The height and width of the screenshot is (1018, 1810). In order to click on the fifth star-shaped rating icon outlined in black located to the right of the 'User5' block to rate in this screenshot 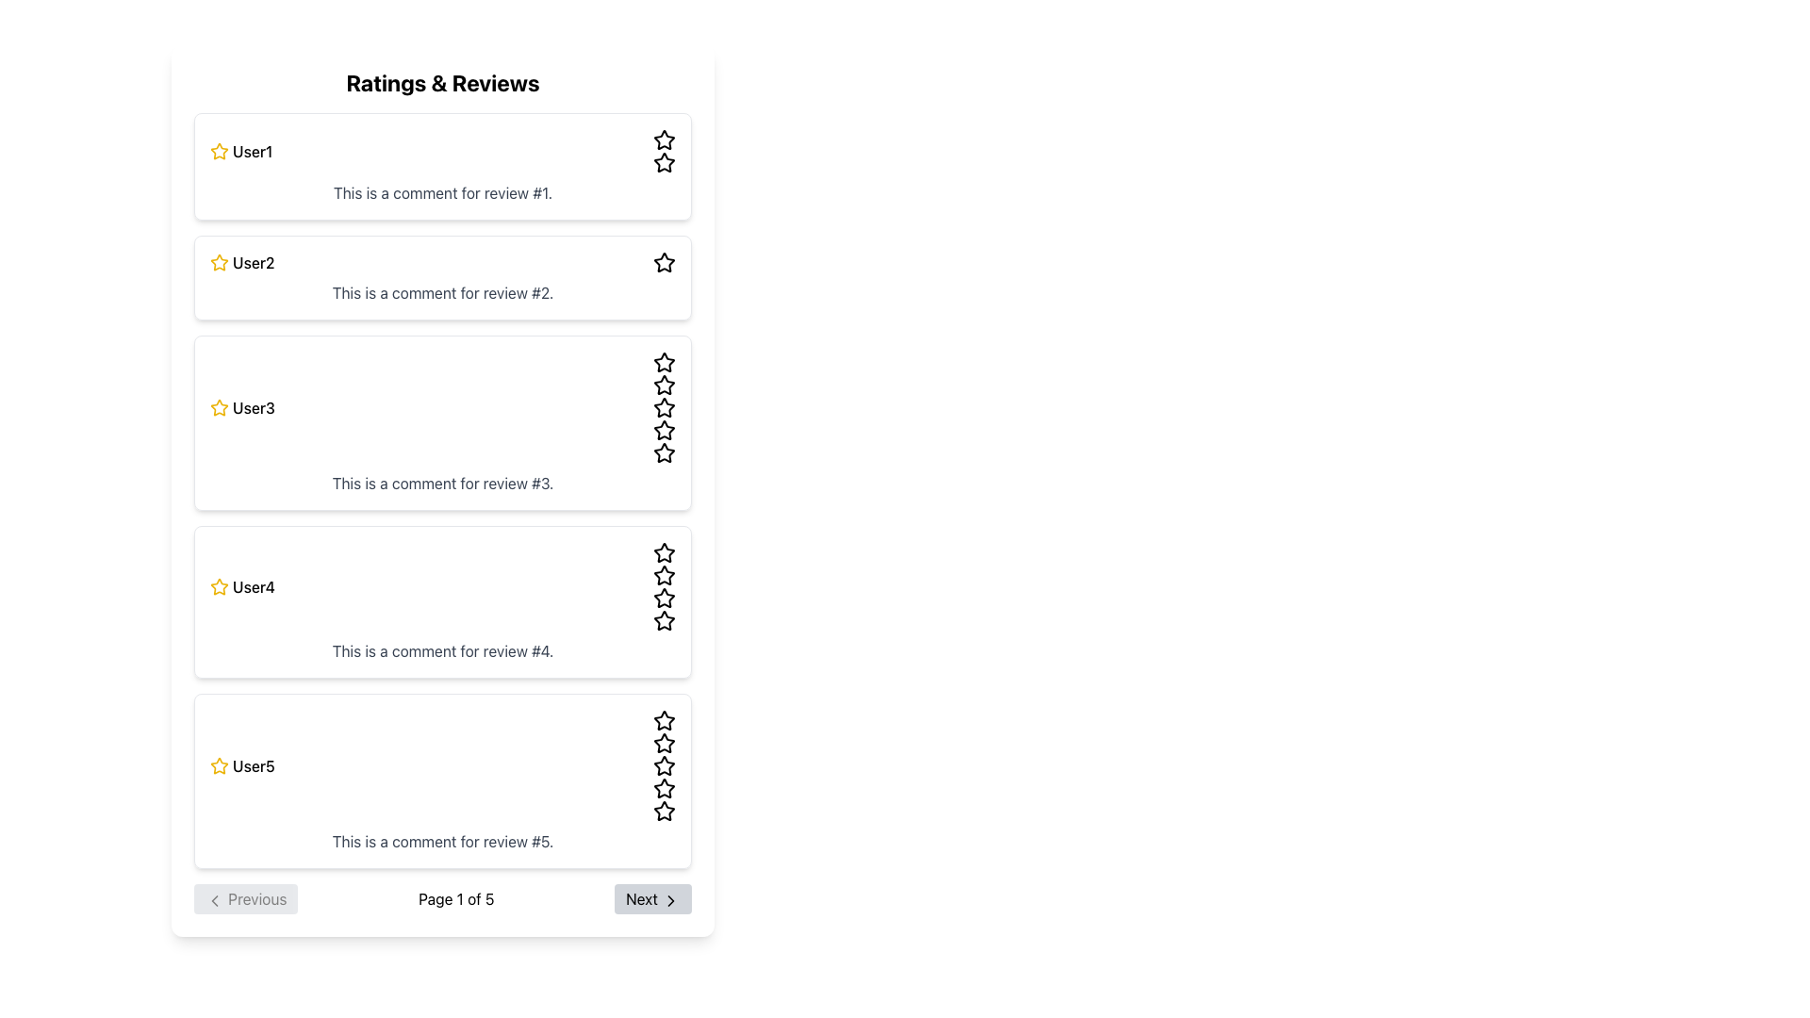, I will do `click(665, 766)`.